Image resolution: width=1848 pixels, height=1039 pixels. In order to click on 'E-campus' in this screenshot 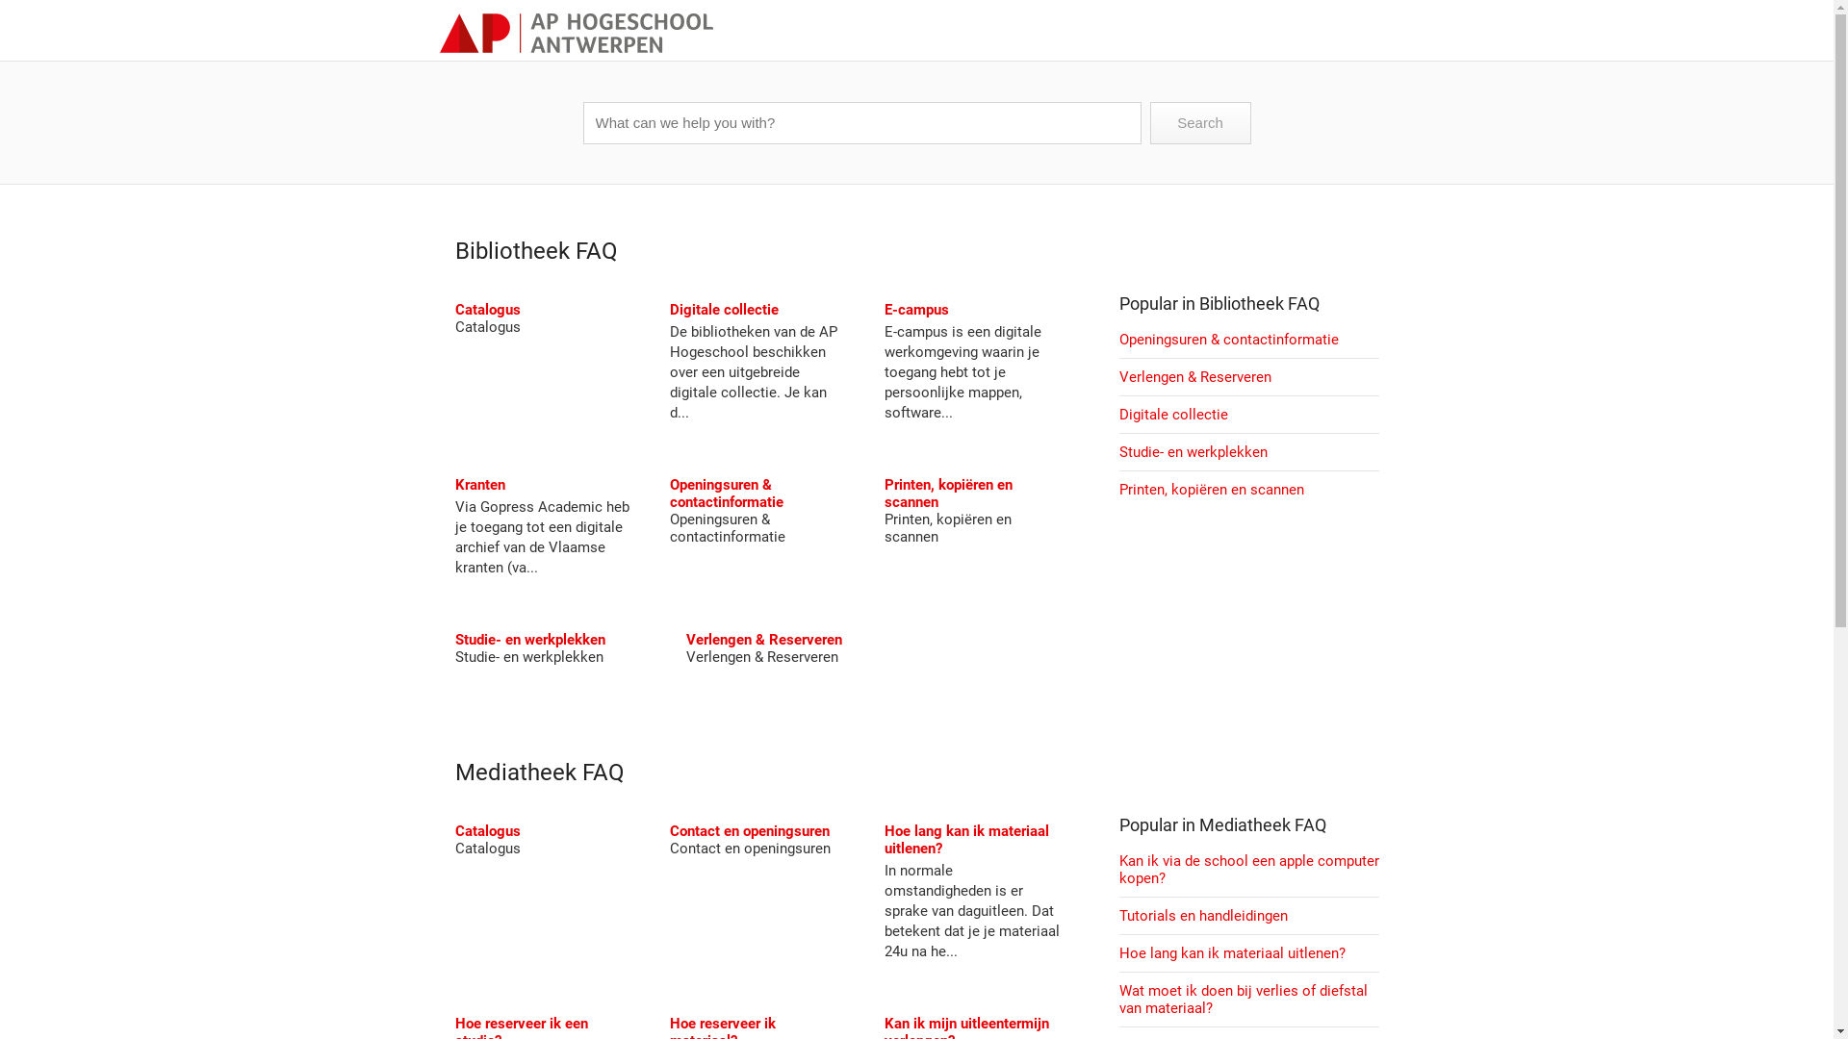, I will do `click(883, 308)`.